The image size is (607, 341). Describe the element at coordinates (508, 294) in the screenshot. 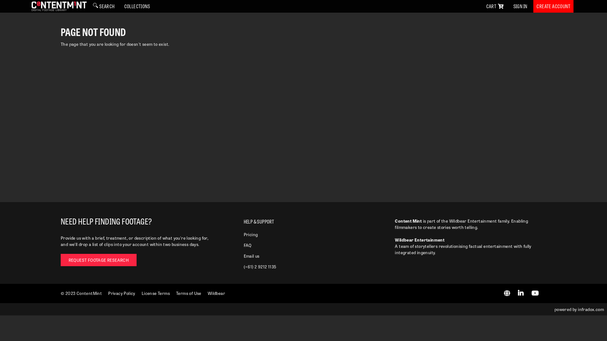

I see `'https://www.contentmint.com.au'` at that location.